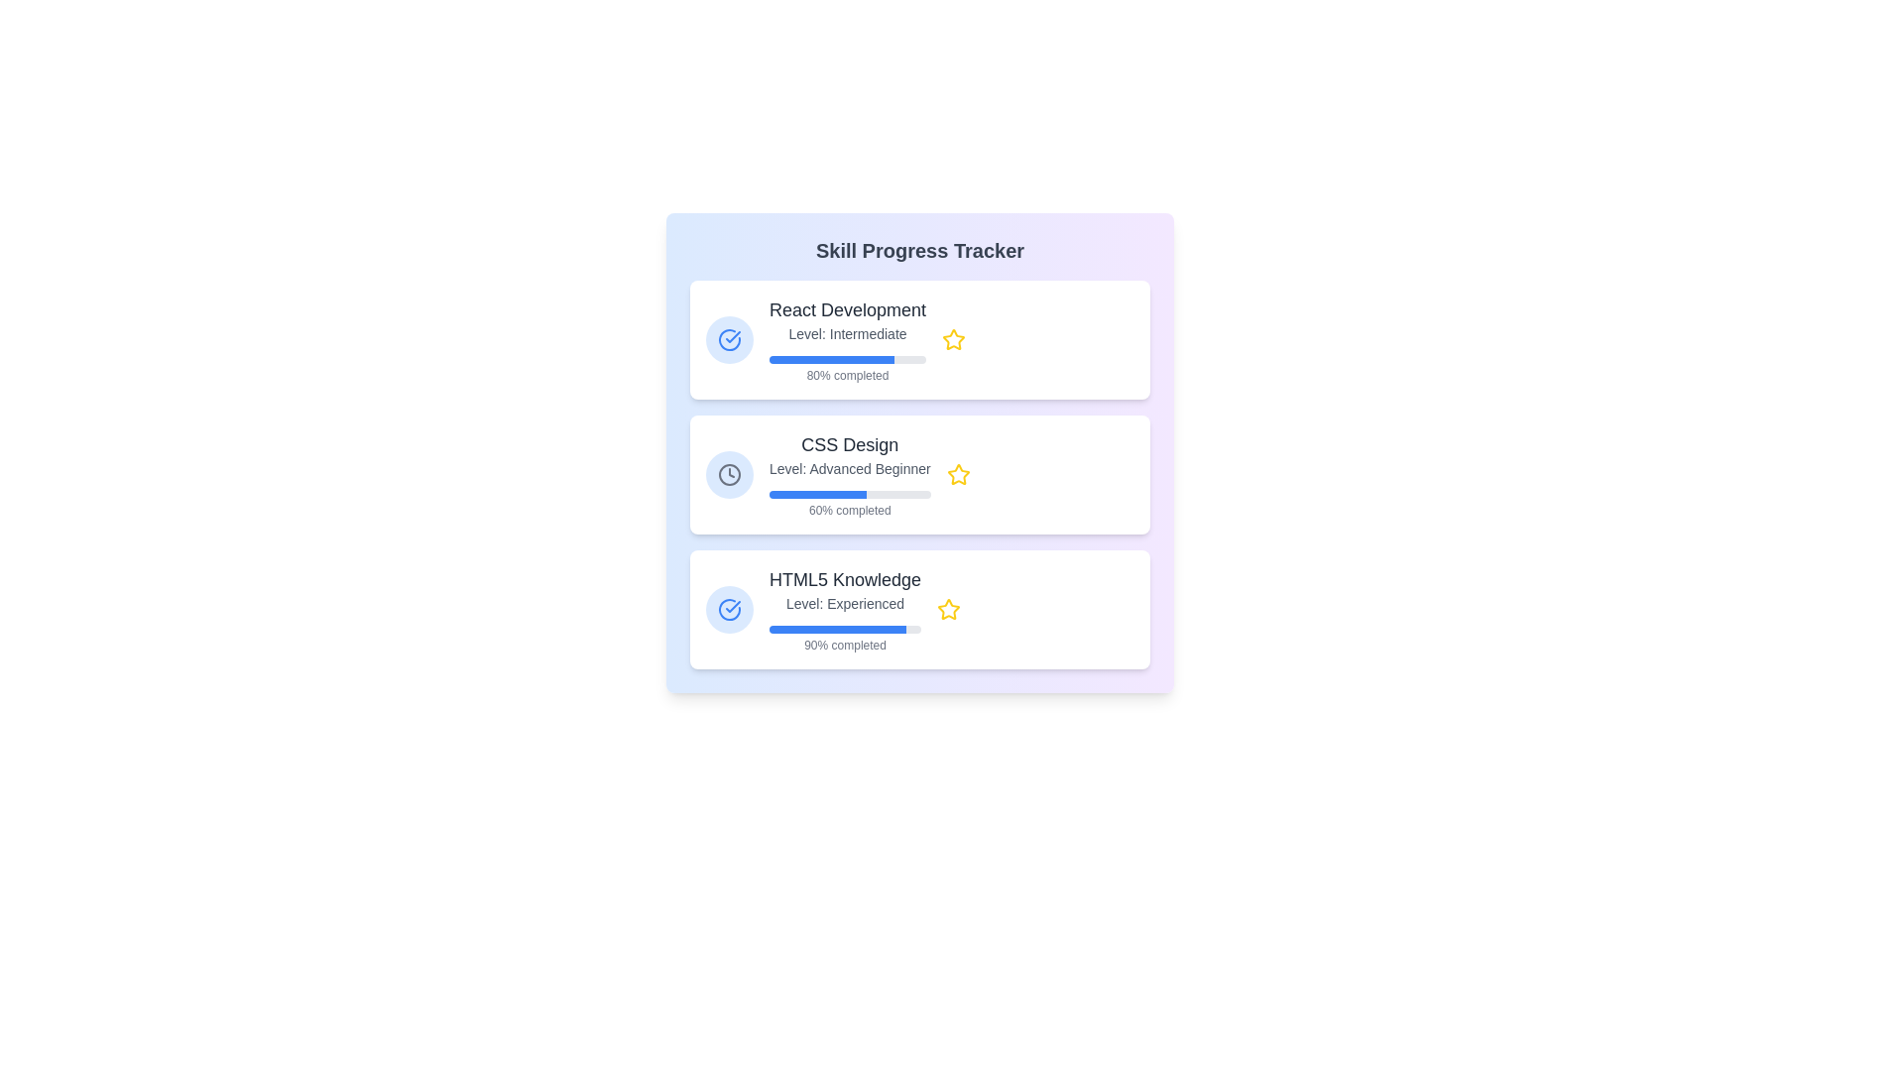  I want to click on the text label indicating the difficulty level of the 'React Development' skill, positioned beneath the title and above the progress bar, so click(847, 332).